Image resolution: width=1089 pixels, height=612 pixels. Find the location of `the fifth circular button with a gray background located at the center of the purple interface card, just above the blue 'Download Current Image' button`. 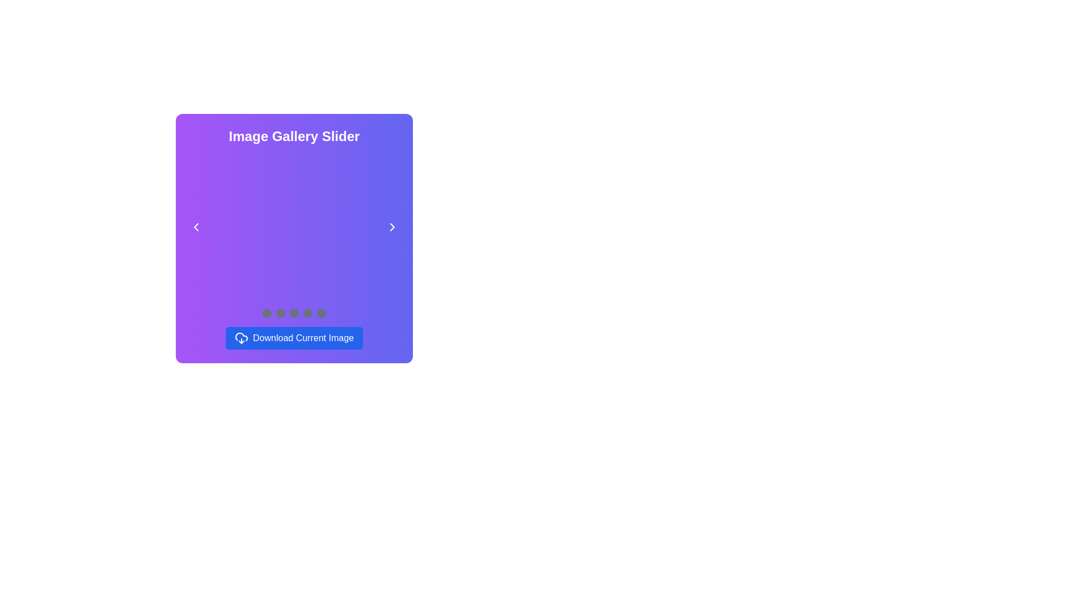

the fifth circular button with a gray background located at the center of the purple interface card, just above the blue 'Download Current Image' button is located at coordinates (320, 313).